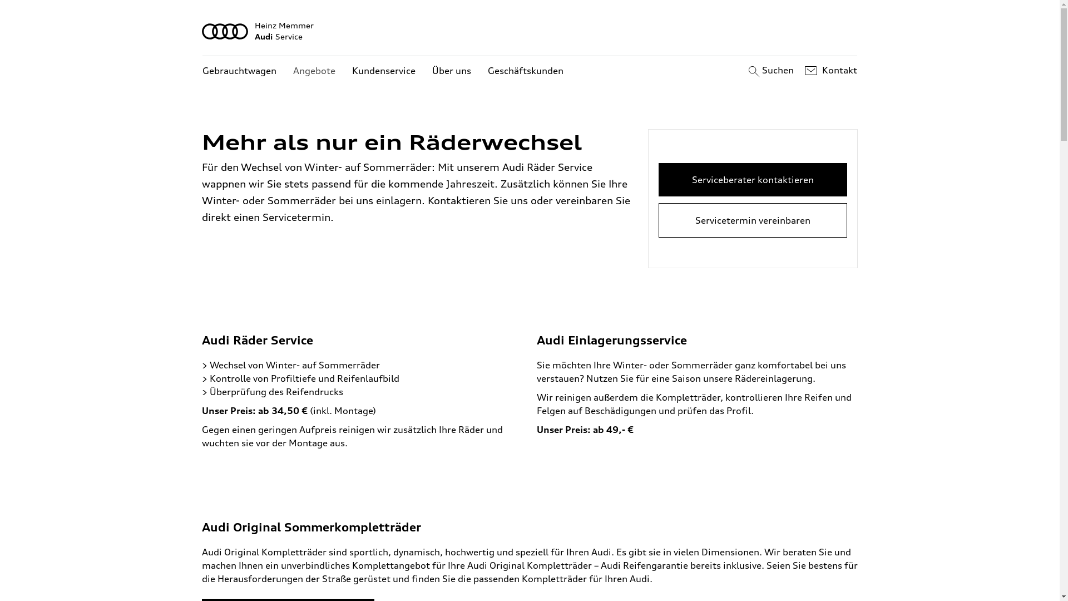  What do you see at coordinates (384, 71) in the screenshot?
I see `'Kundenservice'` at bounding box center [384, 71].